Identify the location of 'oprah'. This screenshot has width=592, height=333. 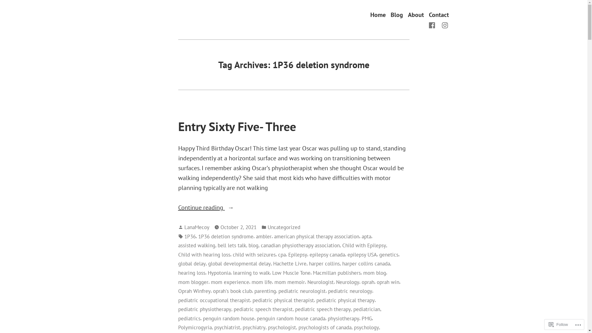
(368, 282).